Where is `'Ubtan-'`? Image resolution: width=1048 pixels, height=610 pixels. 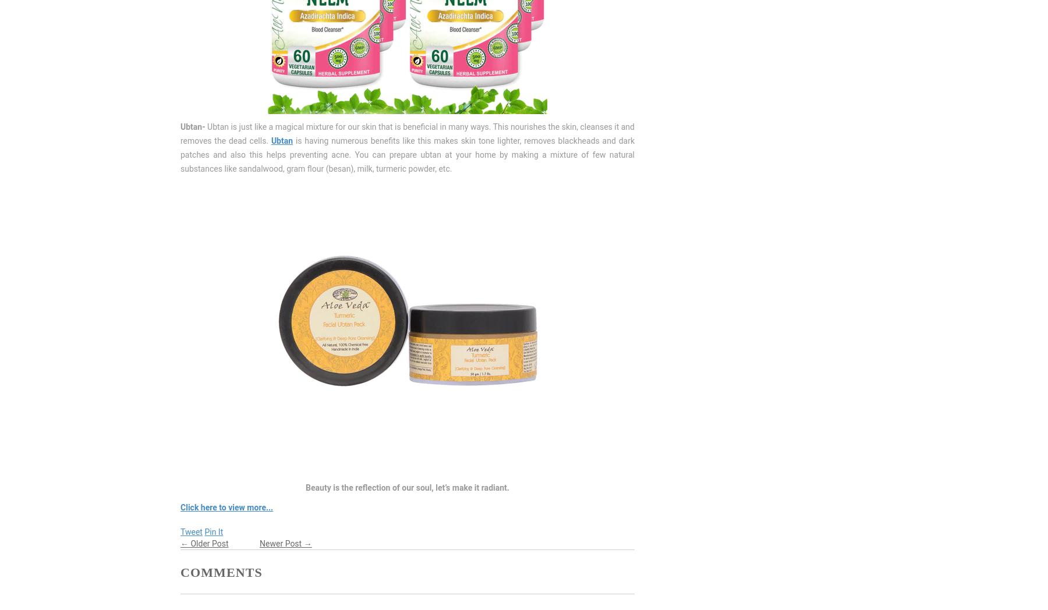
'Ubtan-' is located at coordinates (193, 126).